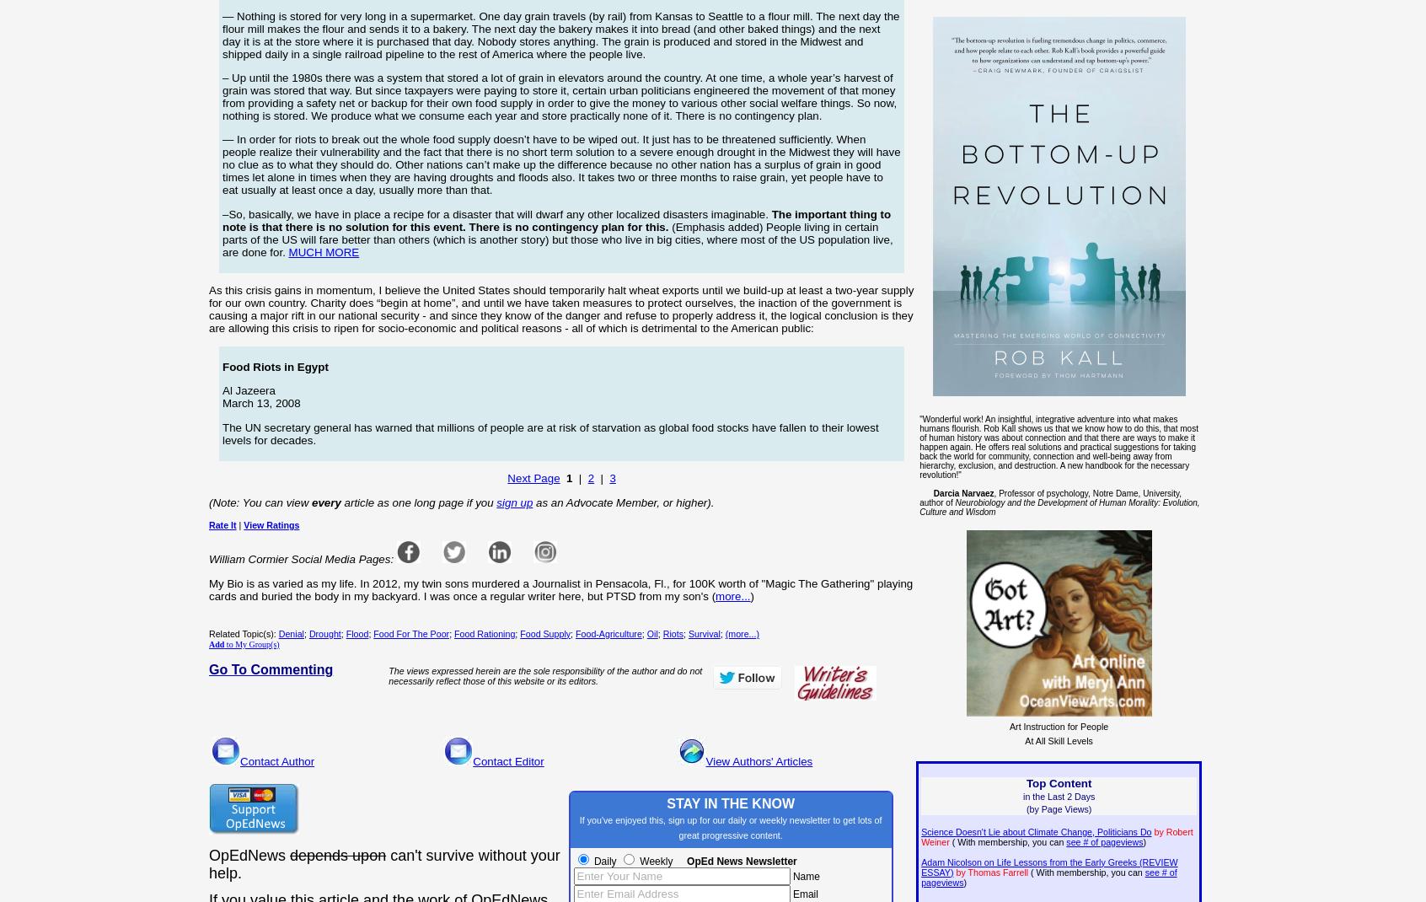  What do you see at coordinates (608, 477) in the screenshot?
I see `'3'` at bounding box center [608, 477].